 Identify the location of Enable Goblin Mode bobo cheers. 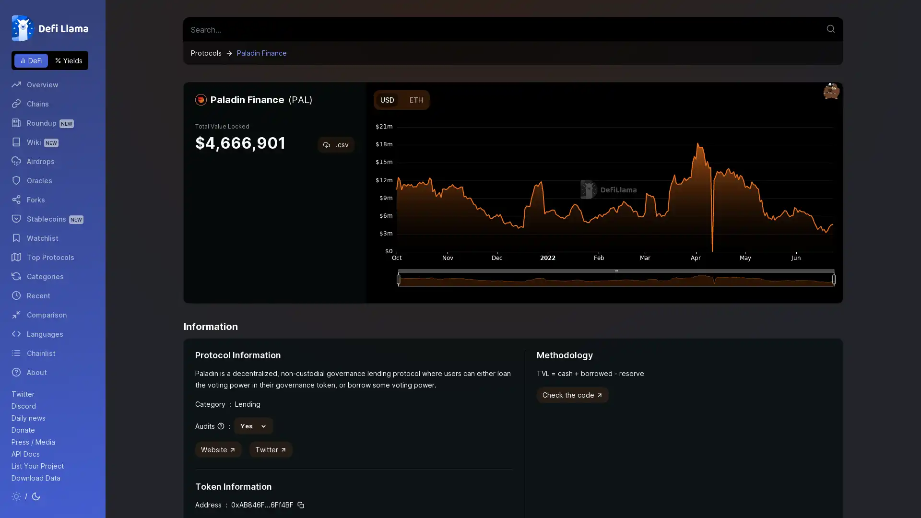
(831, 92).